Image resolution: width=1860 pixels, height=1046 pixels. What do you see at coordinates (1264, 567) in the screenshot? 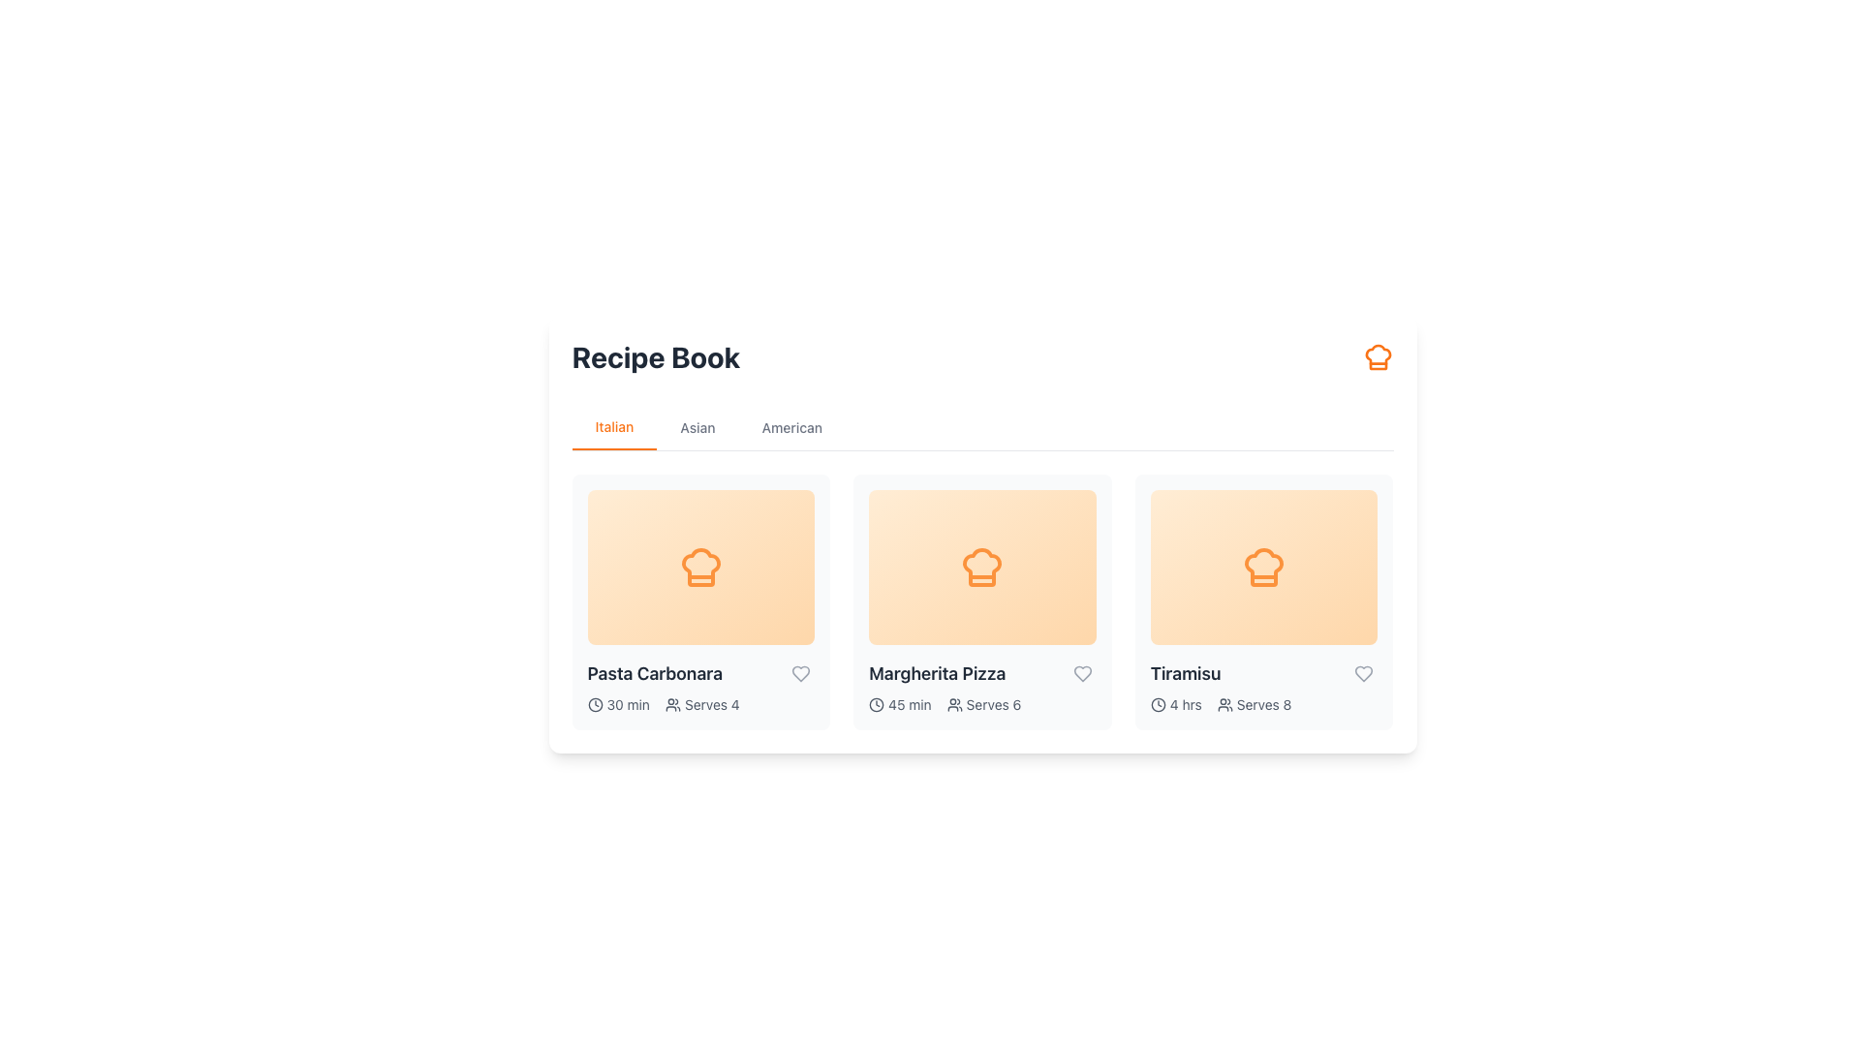
I see `the decorative function of the chef's hat icon with an orange outline located in the third card of the 'Italian' recipe section, specifically above the text in the 'Tiramisu' card` at bounding box center [1264, 567].